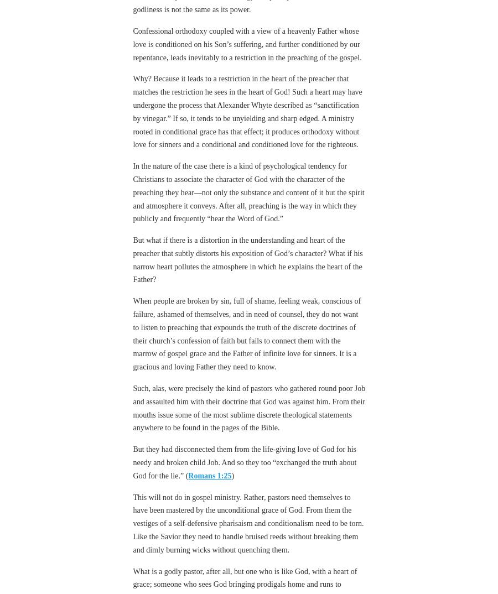 The height and width of the screenshot is (594, 498). I want to click on 'In the nature of the case there is a kind of psychological tendency for Christians to associate the character of God with the character of the preaching they hear—not only the substance and content of it but the spirit and atmosphere it conveys. After all, preaching is the way in which they publicly and frequently “hear the Word of God.”', so click(248, 161).